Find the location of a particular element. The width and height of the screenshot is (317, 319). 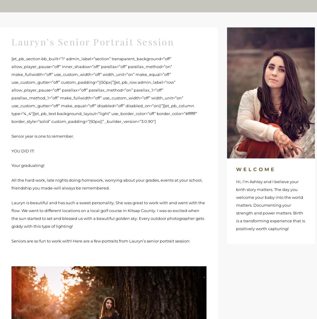

'Seniors are so fun to work with! Here are a few portraits from Lauryn’s senior portrait session:' is located at coordinates (101, 240).